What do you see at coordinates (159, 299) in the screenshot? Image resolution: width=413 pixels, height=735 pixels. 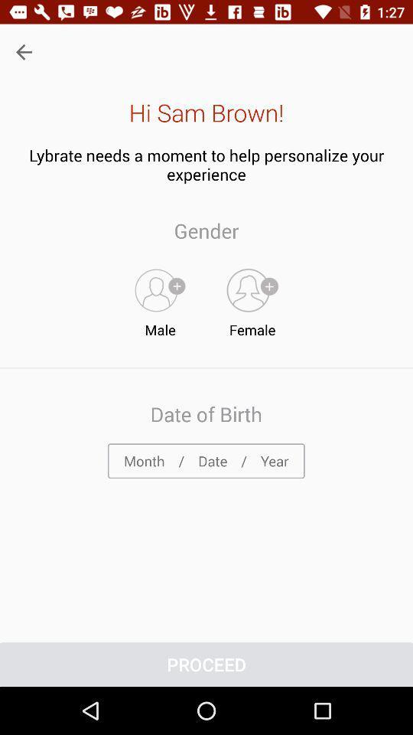 I see `male item` at bounding box center [159, 299].